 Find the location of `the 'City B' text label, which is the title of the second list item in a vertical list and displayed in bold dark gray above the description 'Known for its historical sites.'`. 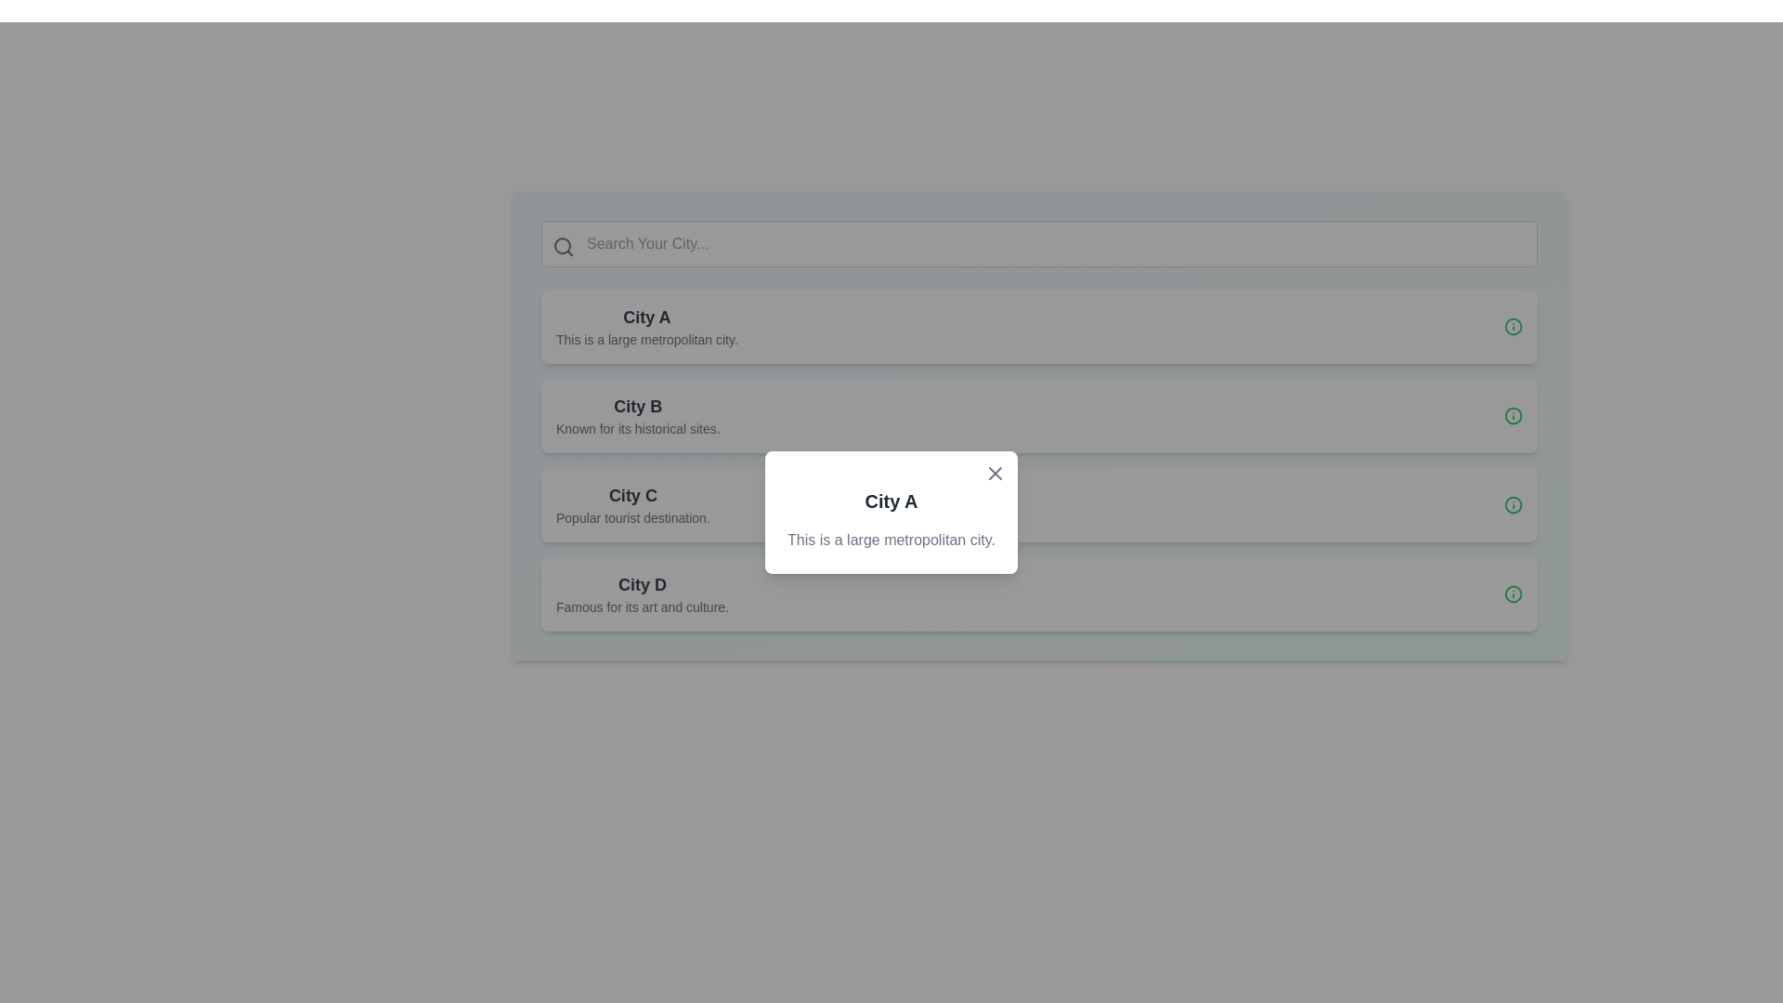

the 'City B' text label, which is the title of the second list item in a vertical list and displayed in bold dark gray above the description 'Known for its historical sites.' is located at coordinates (638, 406).